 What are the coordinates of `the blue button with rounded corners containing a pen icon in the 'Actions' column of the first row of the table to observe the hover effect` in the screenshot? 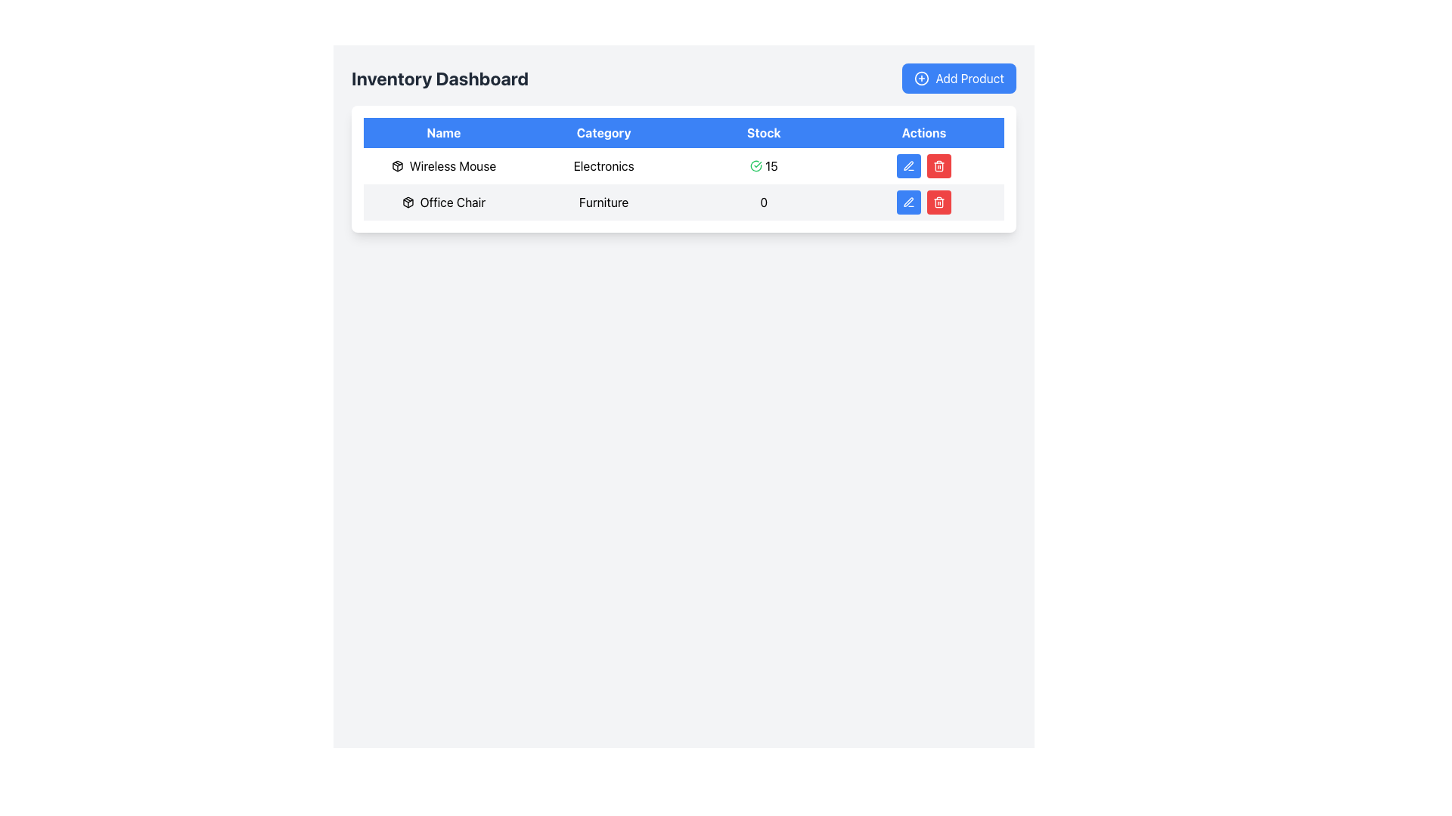 It's located at (908, 165).